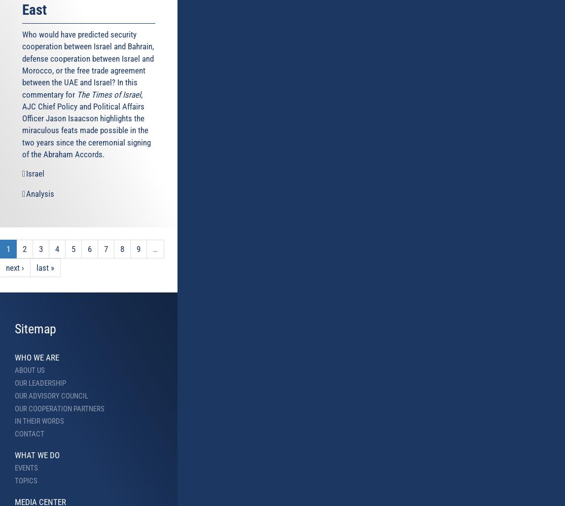  Describe the element at coordinates (15, 395) in the screenshot. I see `'Our Advisory Council'` at that location.